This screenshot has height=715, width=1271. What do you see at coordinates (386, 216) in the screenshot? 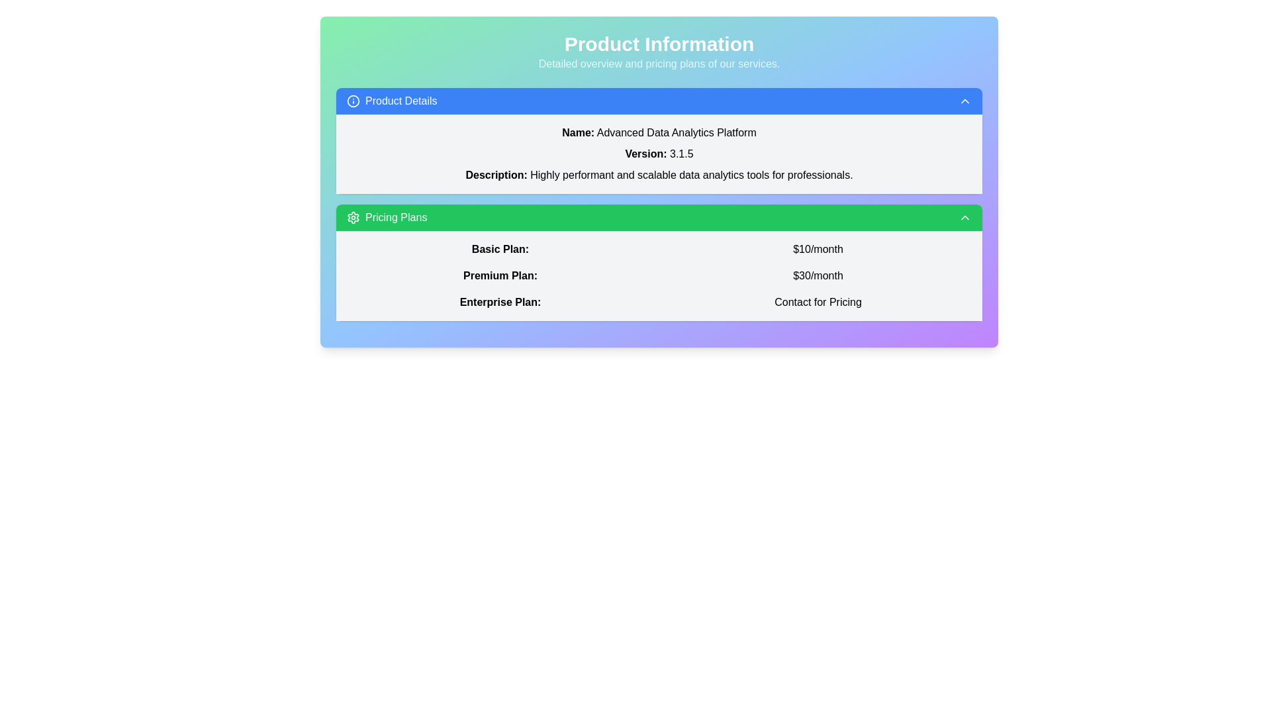
I see `the 'Pricing Plans' label with a gear icon, which is styled in a bold white font against a green background, located in the lower left area of the interface` at bounding box center [386, 216].